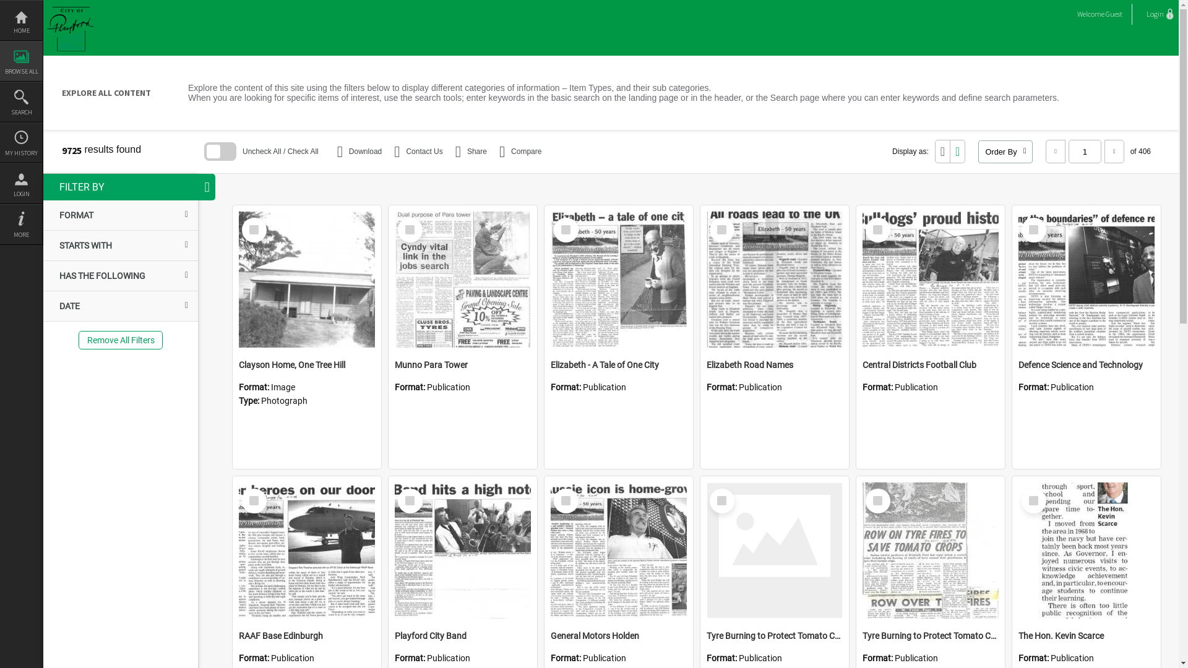  What do you see at coordinates (861, 364) in the screenshot?
I see `'Central Districts Football Club'` at bounding box center [861, 364].